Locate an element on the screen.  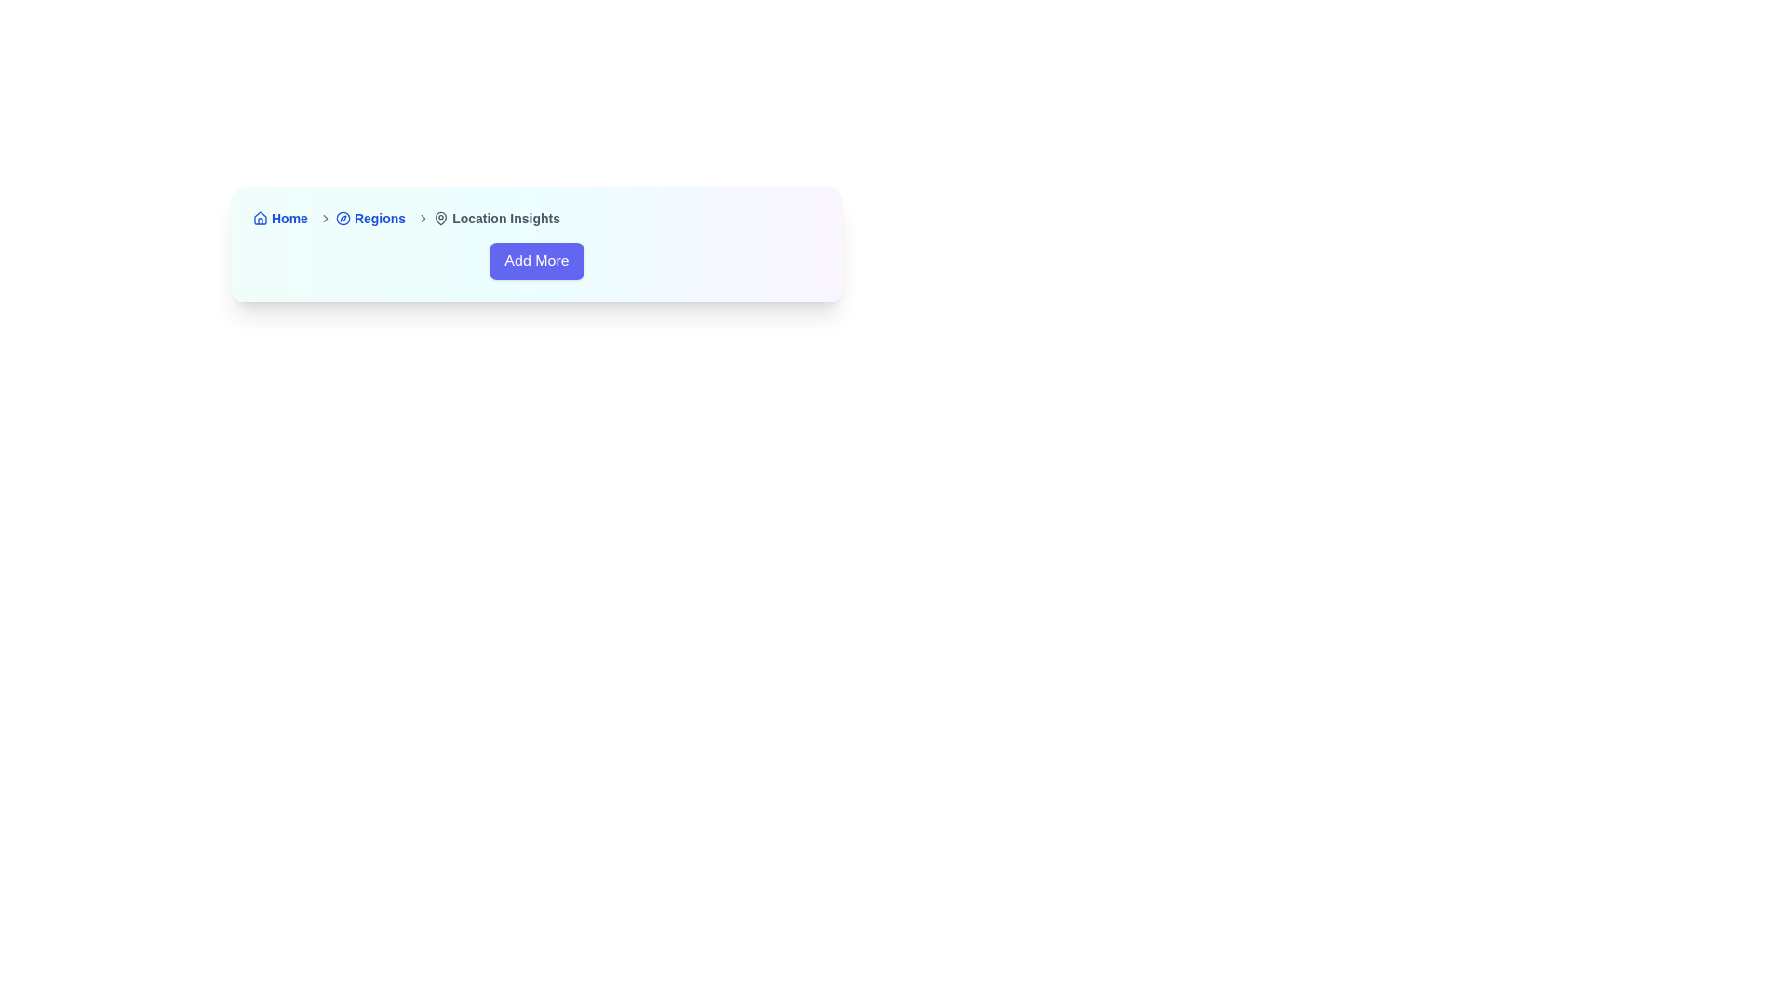
the Text label indicating the current page within the breadcrumb navigation bar, which is located directly to the right of a map pin icon is located at coordinates (506, 218).